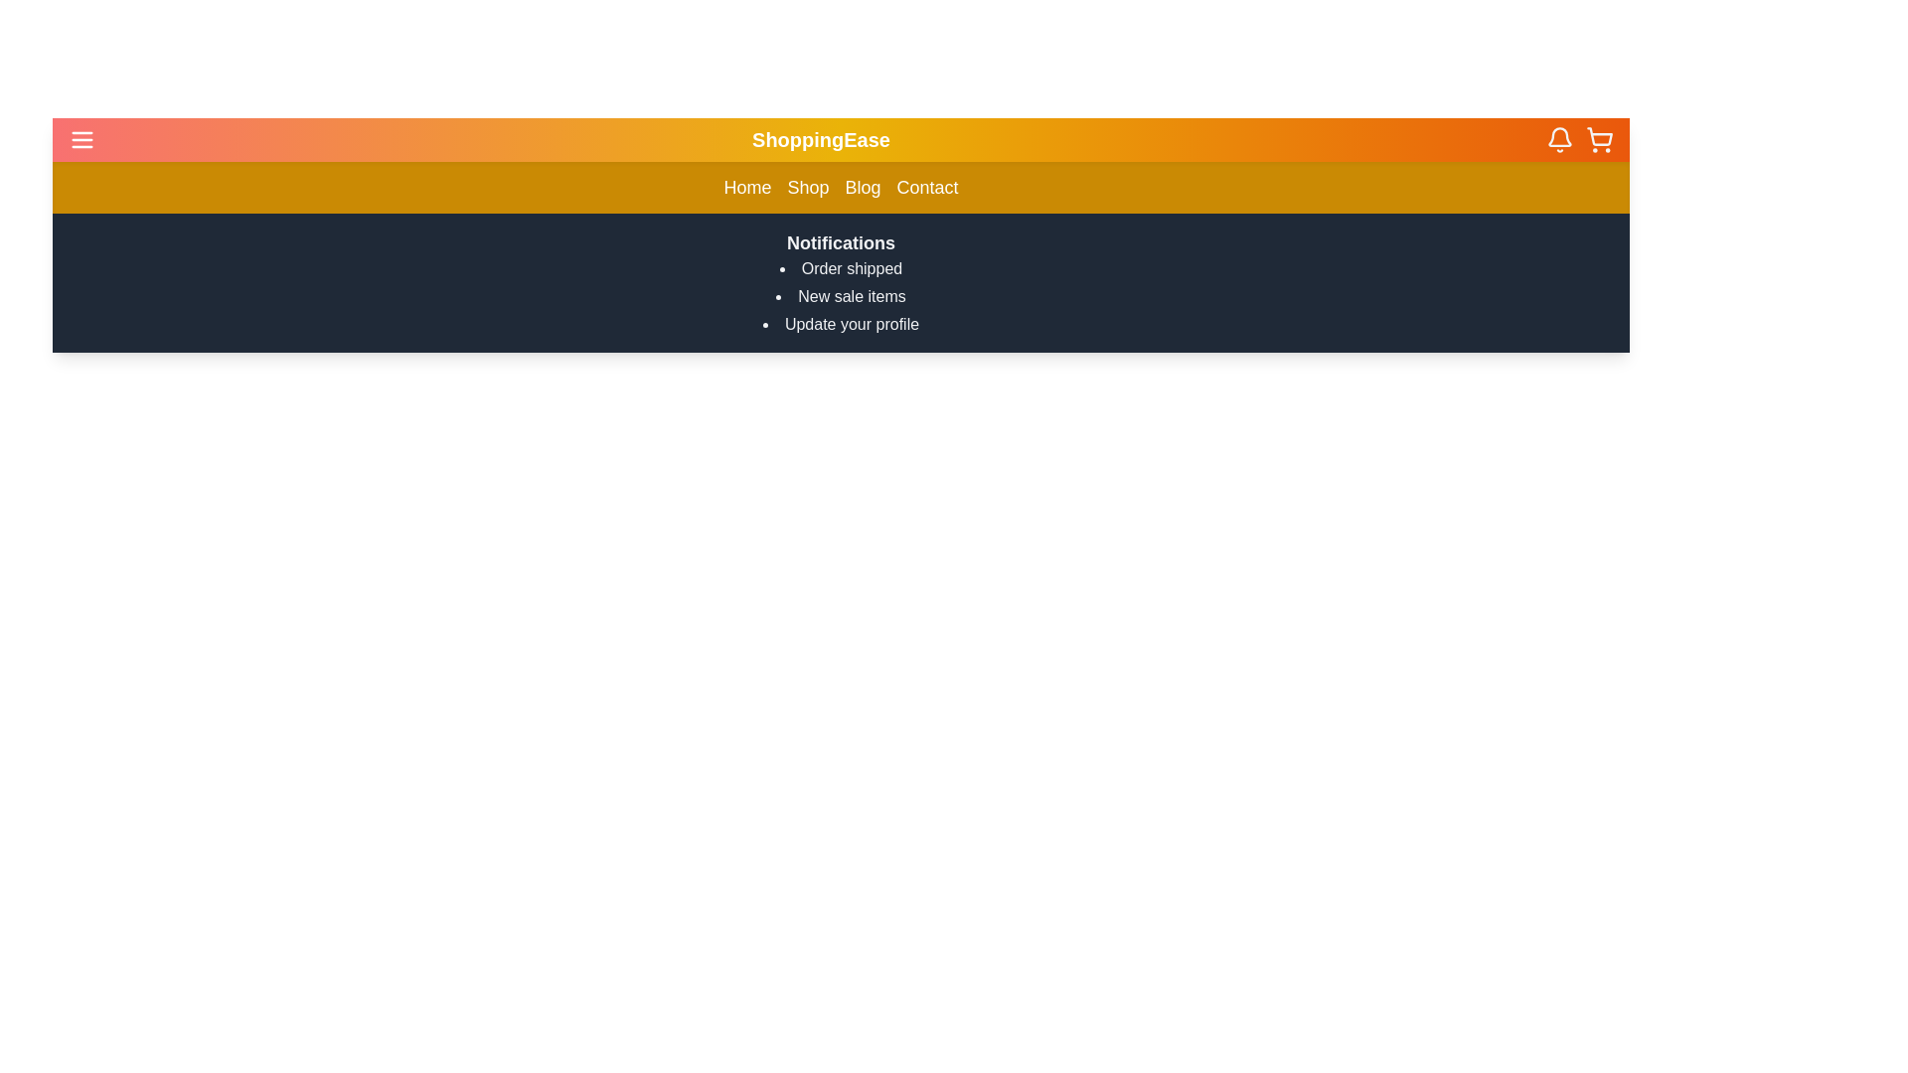  Describe the element at coordinates (863, 188) in the screenshot. I see `the 'Blog' text link in the navigation bar, which is the third item in a list of four links ('Home', 'Shop', 'Blog', 'Contact')` at that location.